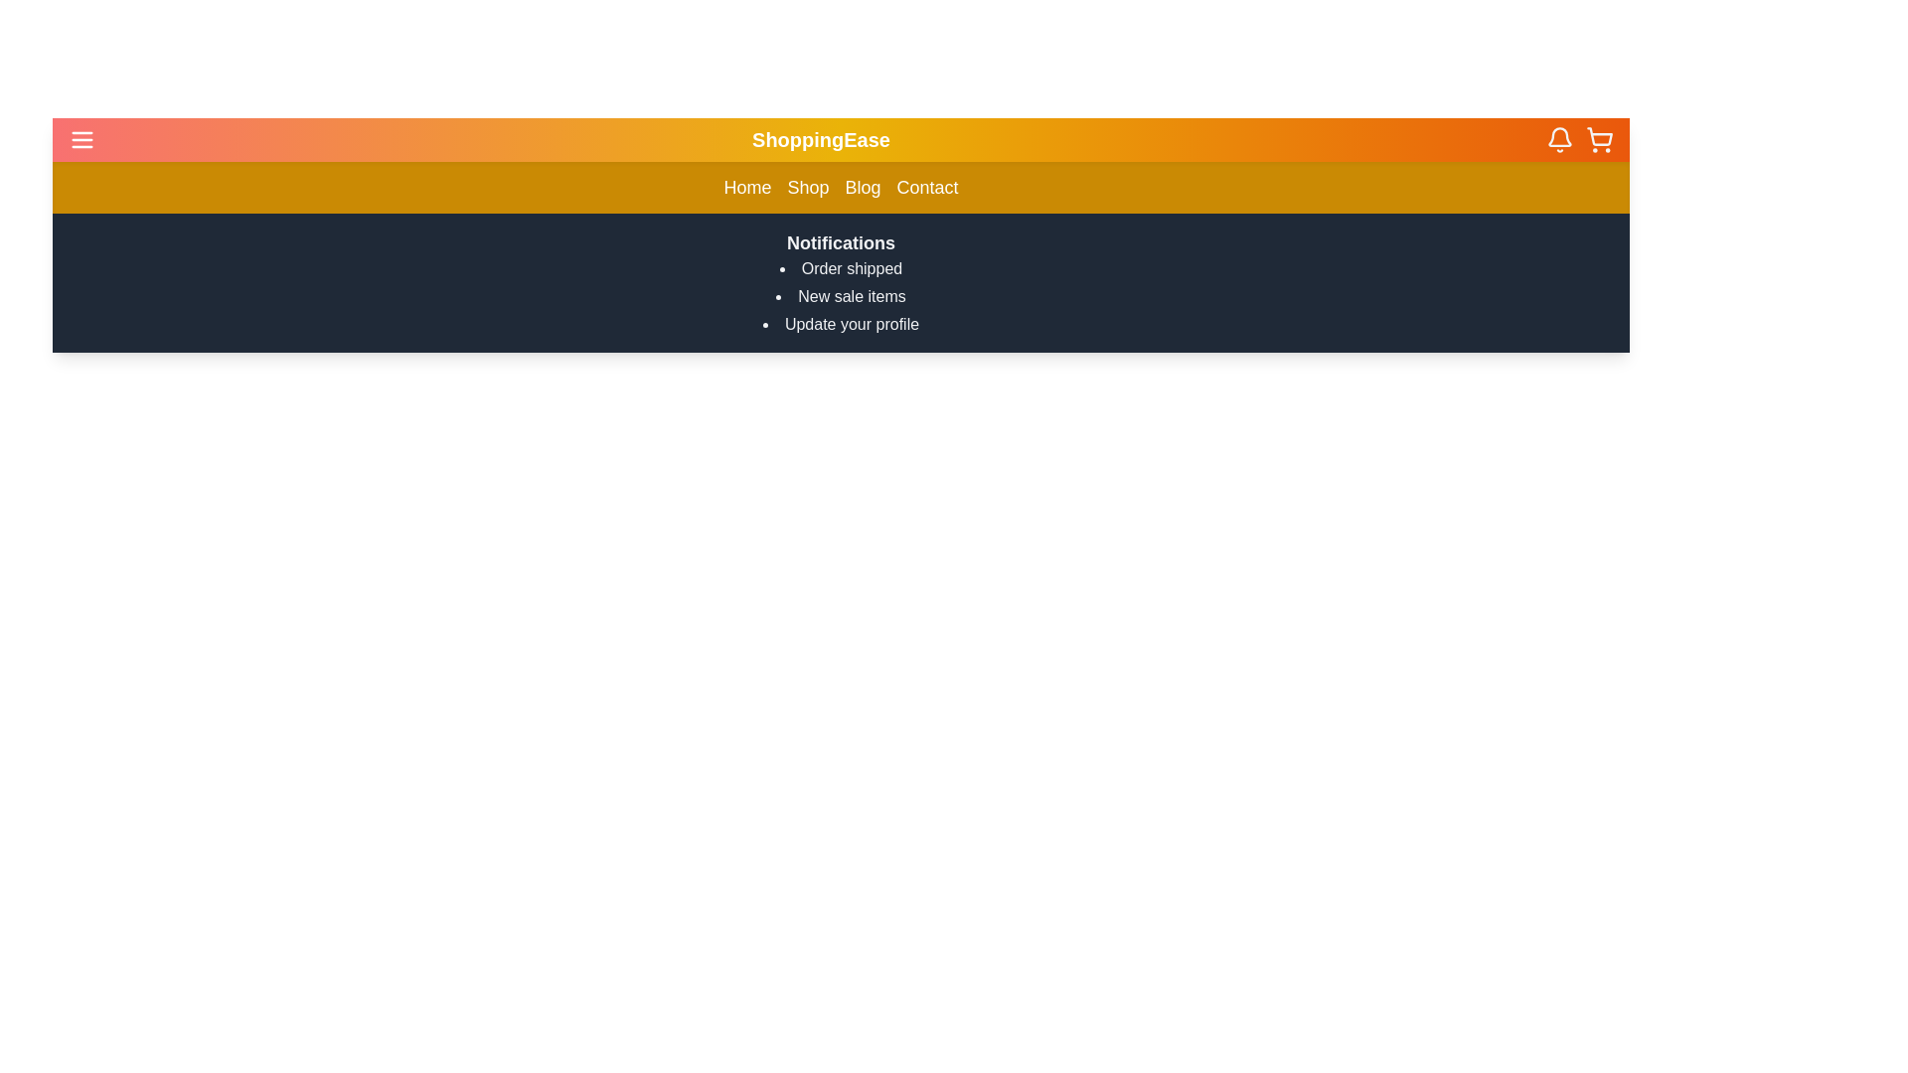  Describe the element at coordinates (863, 188) in the screenshot. I see `the 'Blog' text link in the navigation bar, which is the third item in a list of four links ('Home', 'Shop', 'Blog', 'Contact')` at that location.